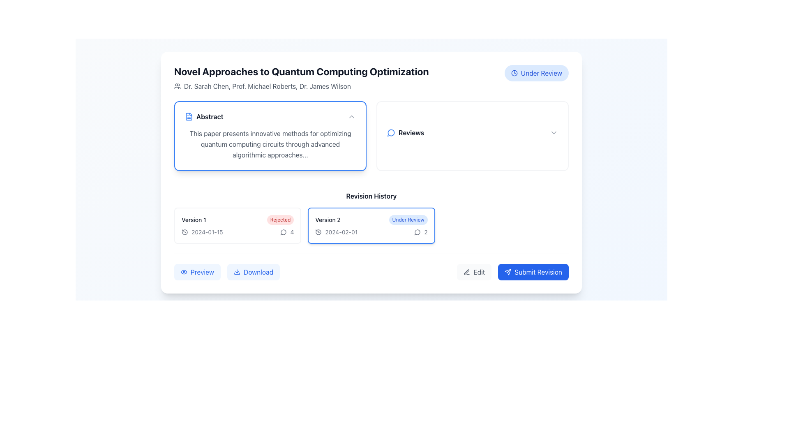 The image size is (789, 444). What do you see at coordinates (301, 78) in the screenshot?
I see `the interactive author names in the Header section, which displays the title of the document or project along with the list of authors, located near the top-left corner of the card interface` at bounding box center [301, 78].